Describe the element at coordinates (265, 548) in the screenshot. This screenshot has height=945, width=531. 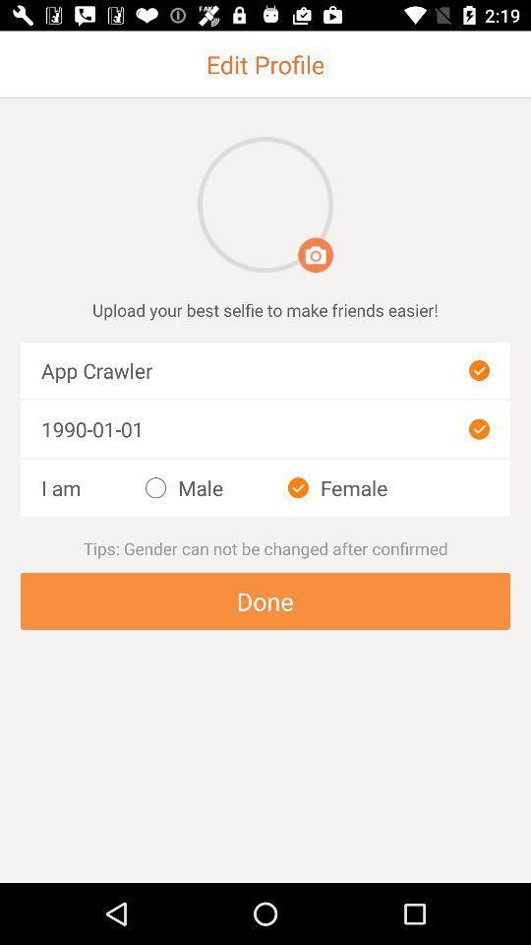
I see `tap on the text above the button done` at that location.